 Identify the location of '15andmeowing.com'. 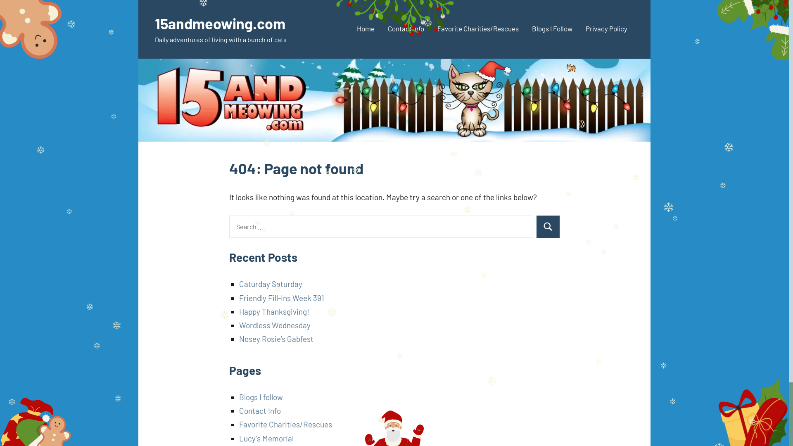
(220, 23).